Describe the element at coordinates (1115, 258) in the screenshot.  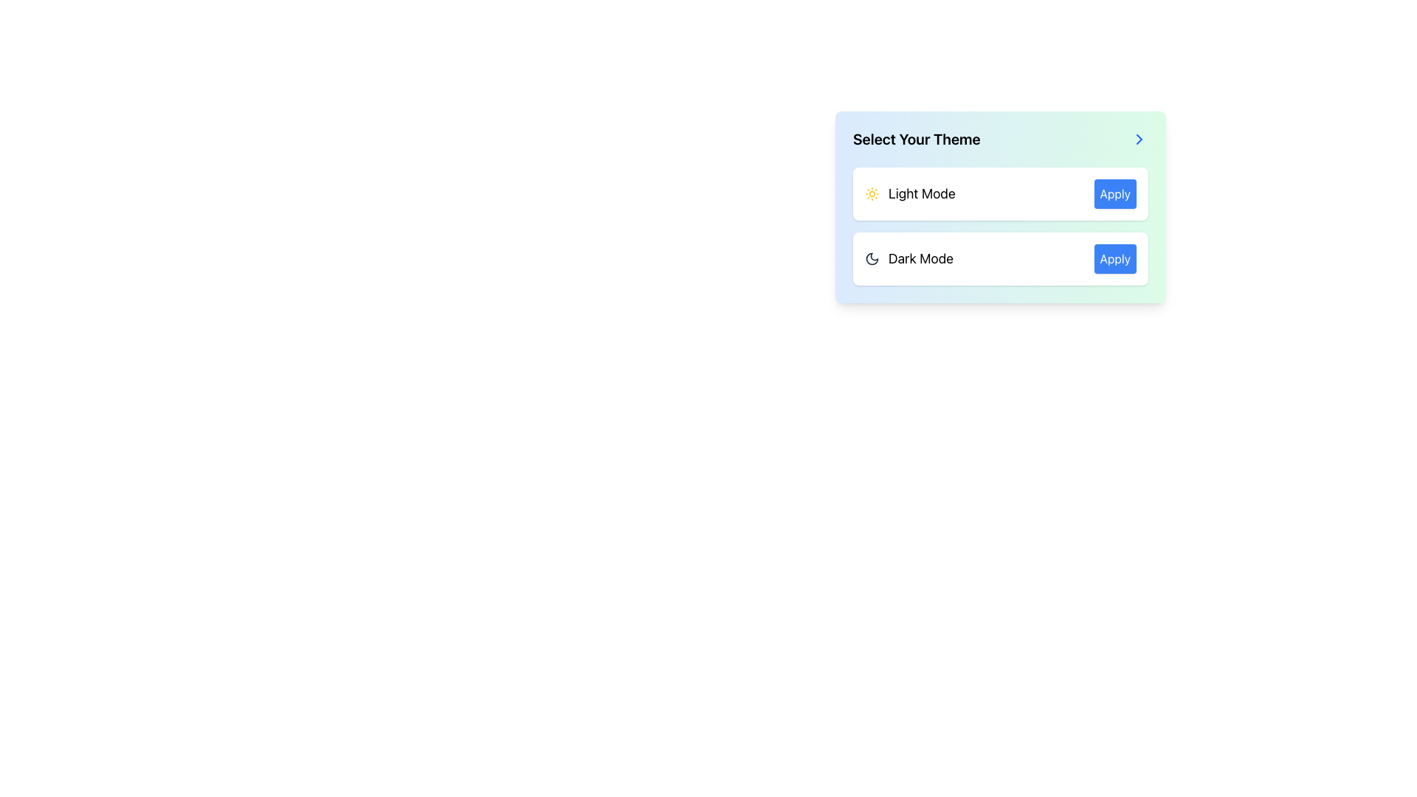
I see `the blue 'Apply' button with white text` at that location.